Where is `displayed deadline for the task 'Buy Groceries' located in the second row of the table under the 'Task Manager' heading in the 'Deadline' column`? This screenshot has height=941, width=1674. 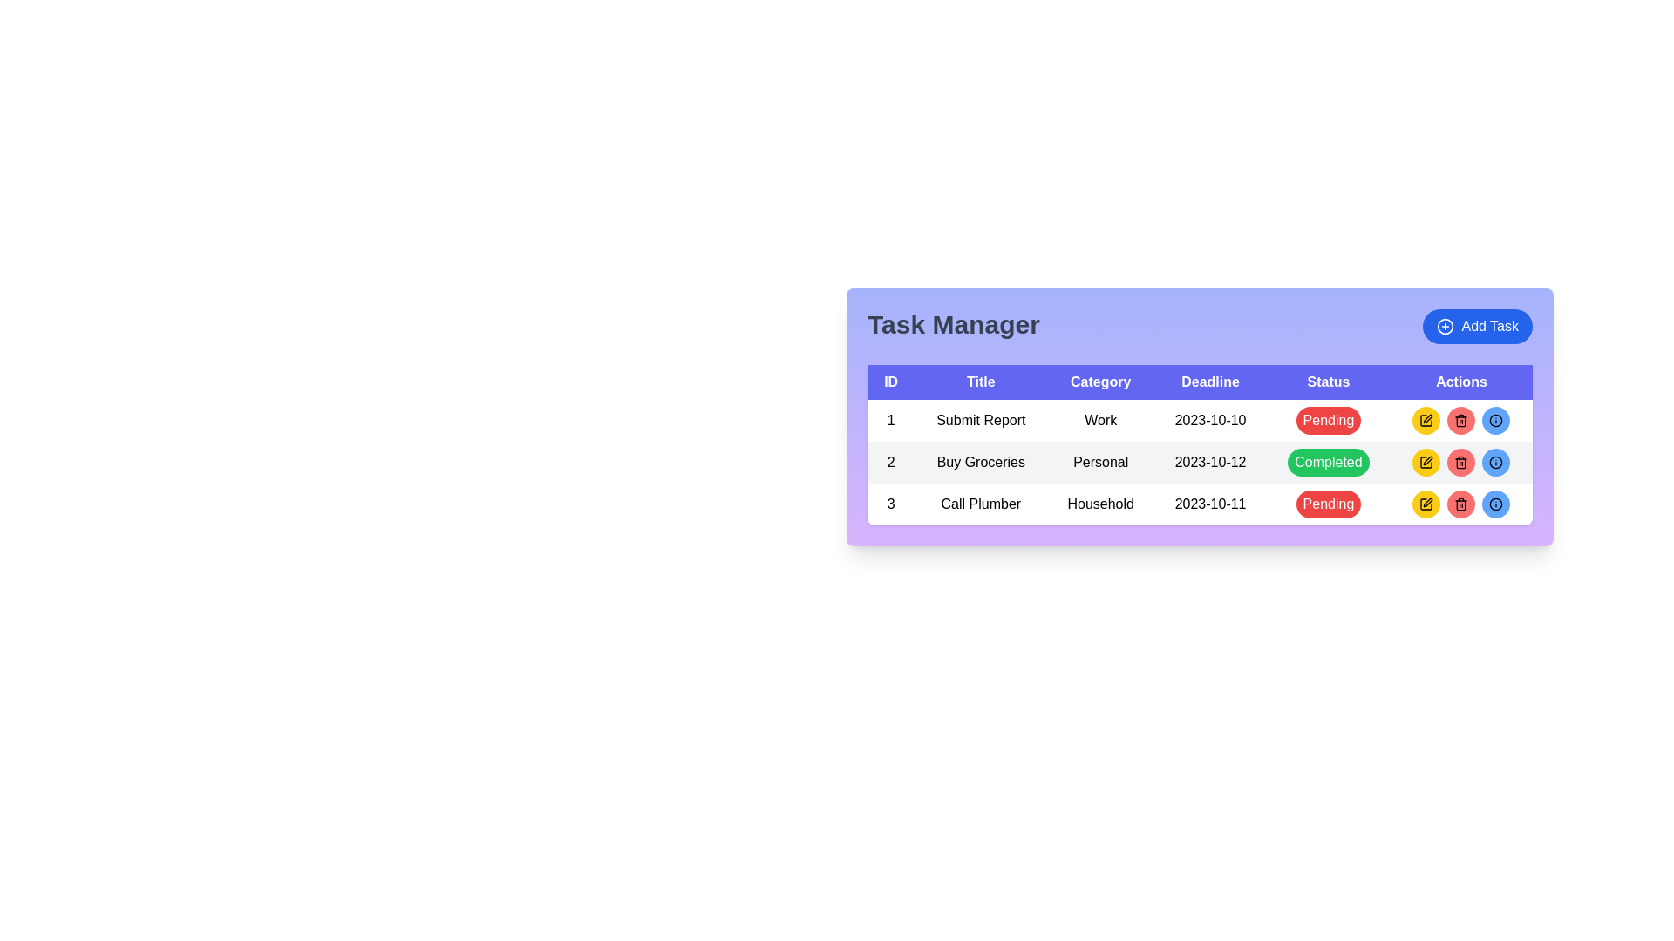 displayed deadline for the task 'Buy Groceries' located in the second row of the table under the 'Task Manager' heading in the 'Deadline' column is located at coordinates (1209, 462).